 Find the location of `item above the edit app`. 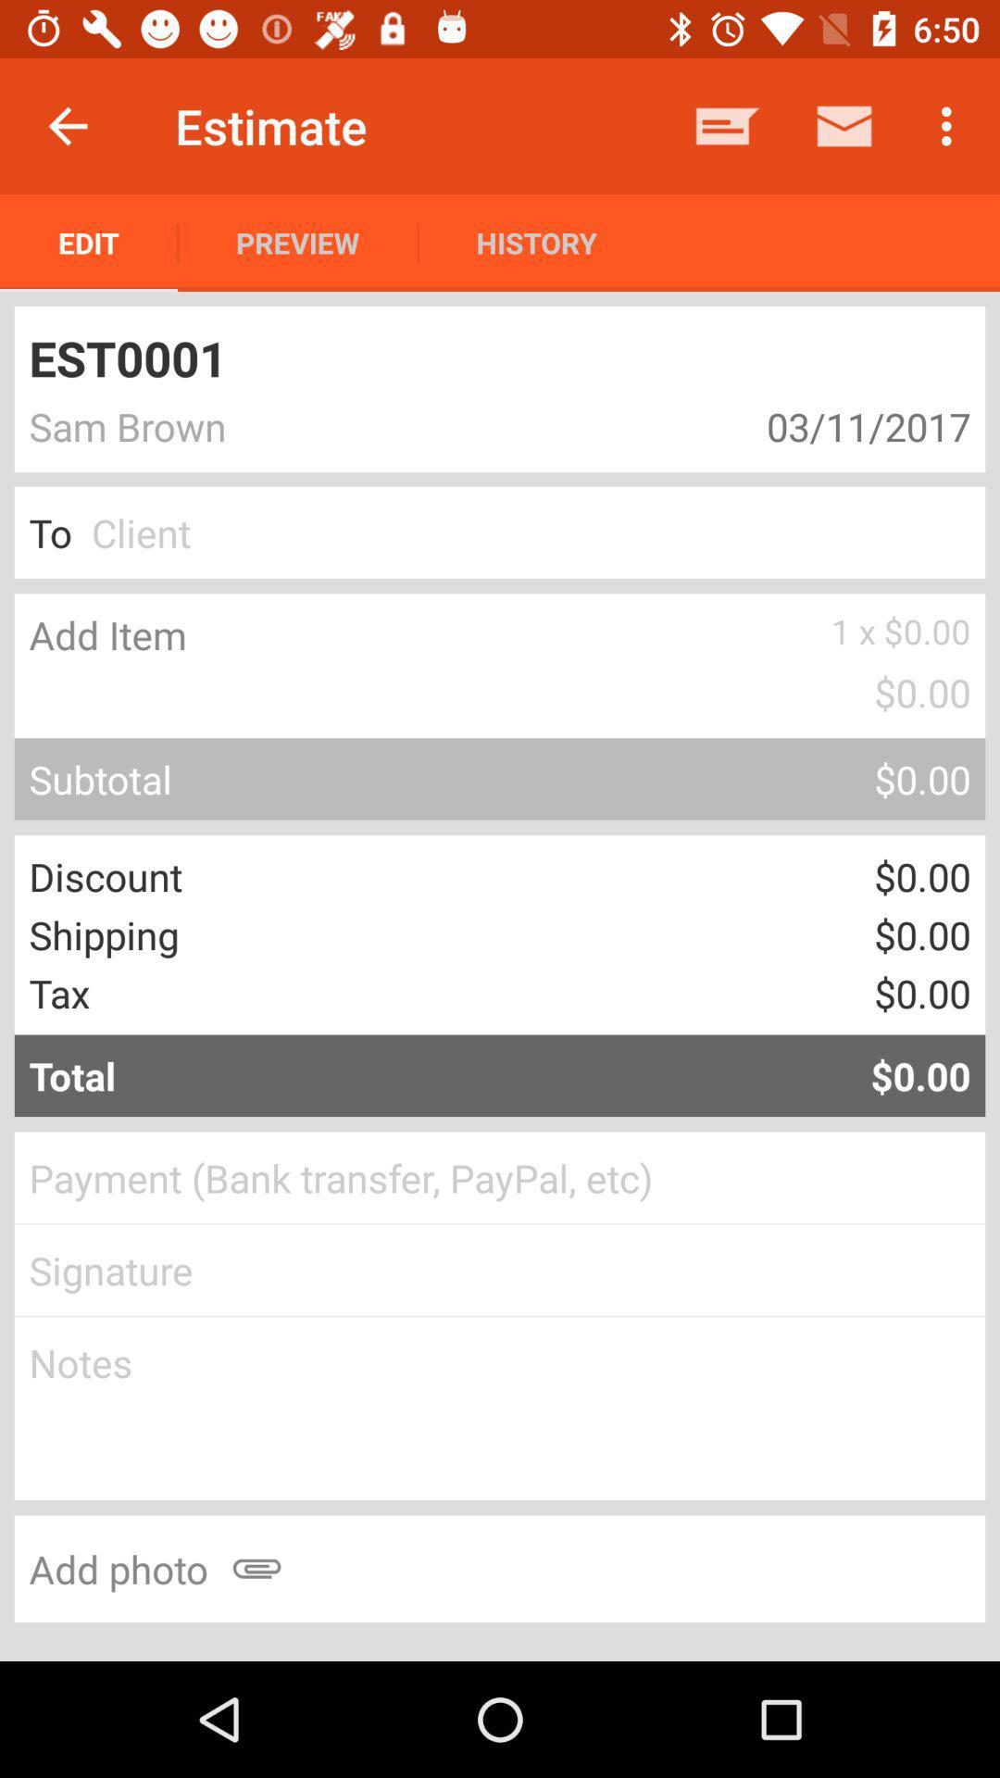

item above the edit app is located at coordinates (67, 125).